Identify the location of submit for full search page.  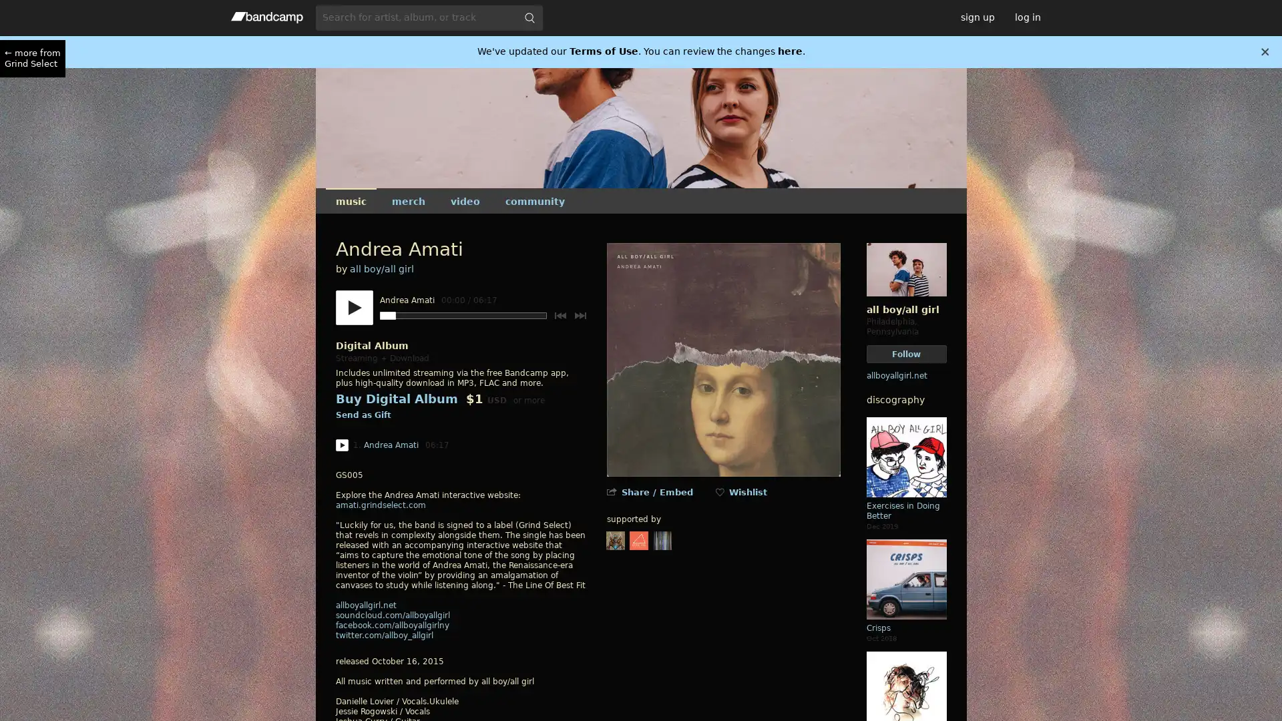
(528, 17).